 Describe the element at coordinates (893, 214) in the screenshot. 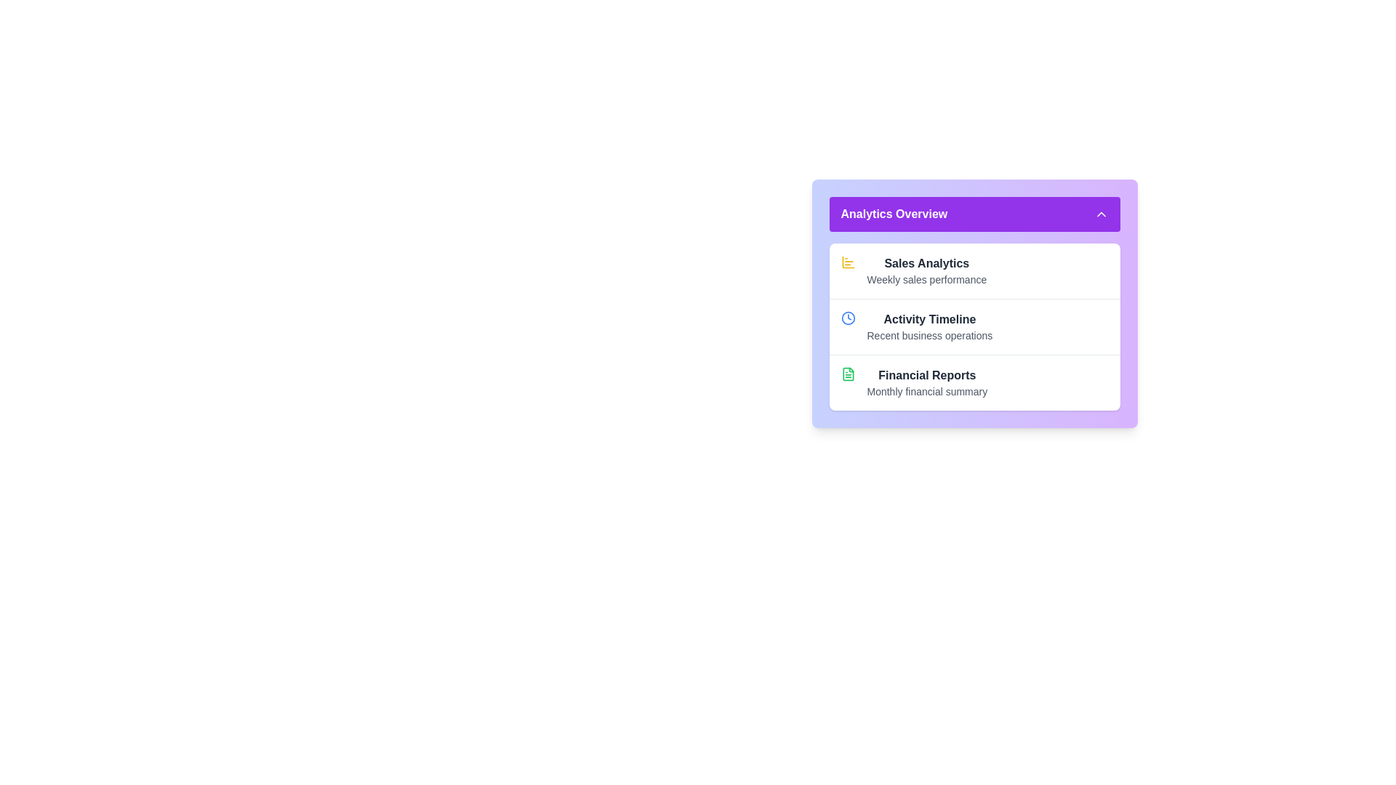

I see `label 'Analytics Overview' displayed in bold white font on a purple background, located at the top left of the panel's header area` at that location.